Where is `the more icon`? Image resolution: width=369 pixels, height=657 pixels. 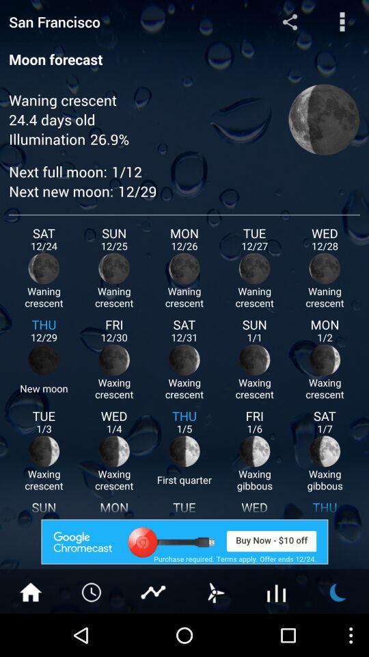
the more icon is located at coordinates (342, 23).